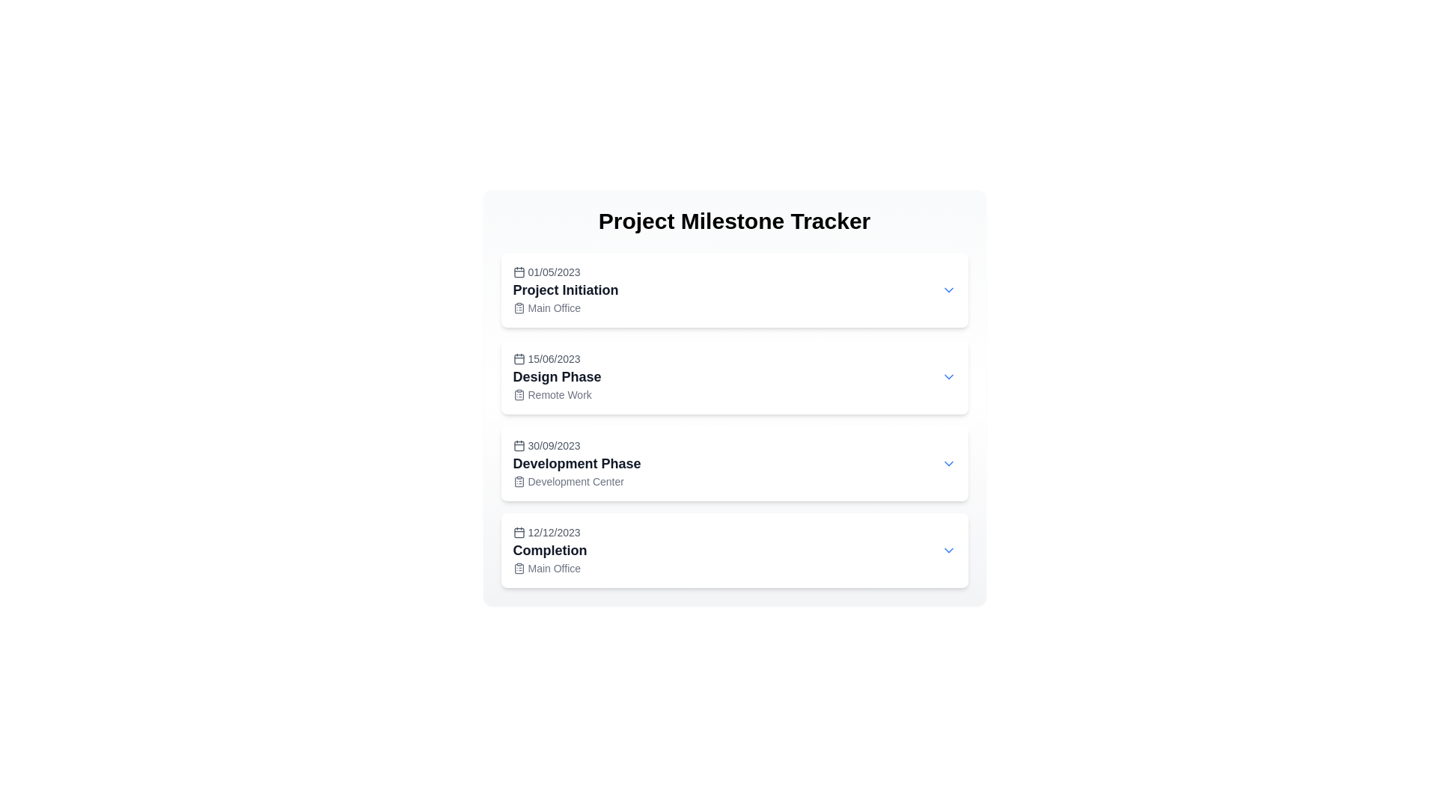 The width and height of the screenshot is (1437, 808). Describe the element at coordinates (519, 272) in the screenshot. I see `the decorative calendar icon element located near the top-left section of the 'Project Initiation' item in the project milestones list` at that location.